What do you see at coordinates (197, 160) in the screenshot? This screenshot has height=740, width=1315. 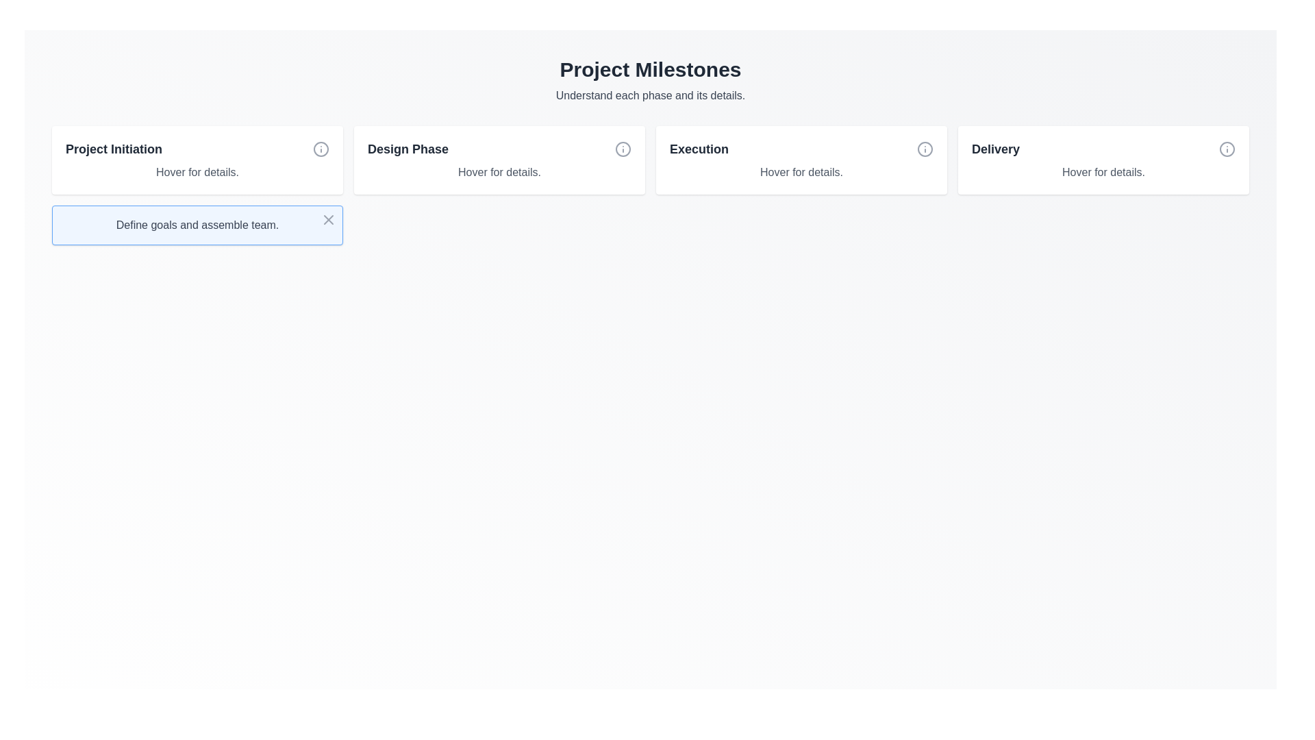 I see `the first information card in the grid that displays a tooltip with details upon interaction` at bounding box center [197, 160].